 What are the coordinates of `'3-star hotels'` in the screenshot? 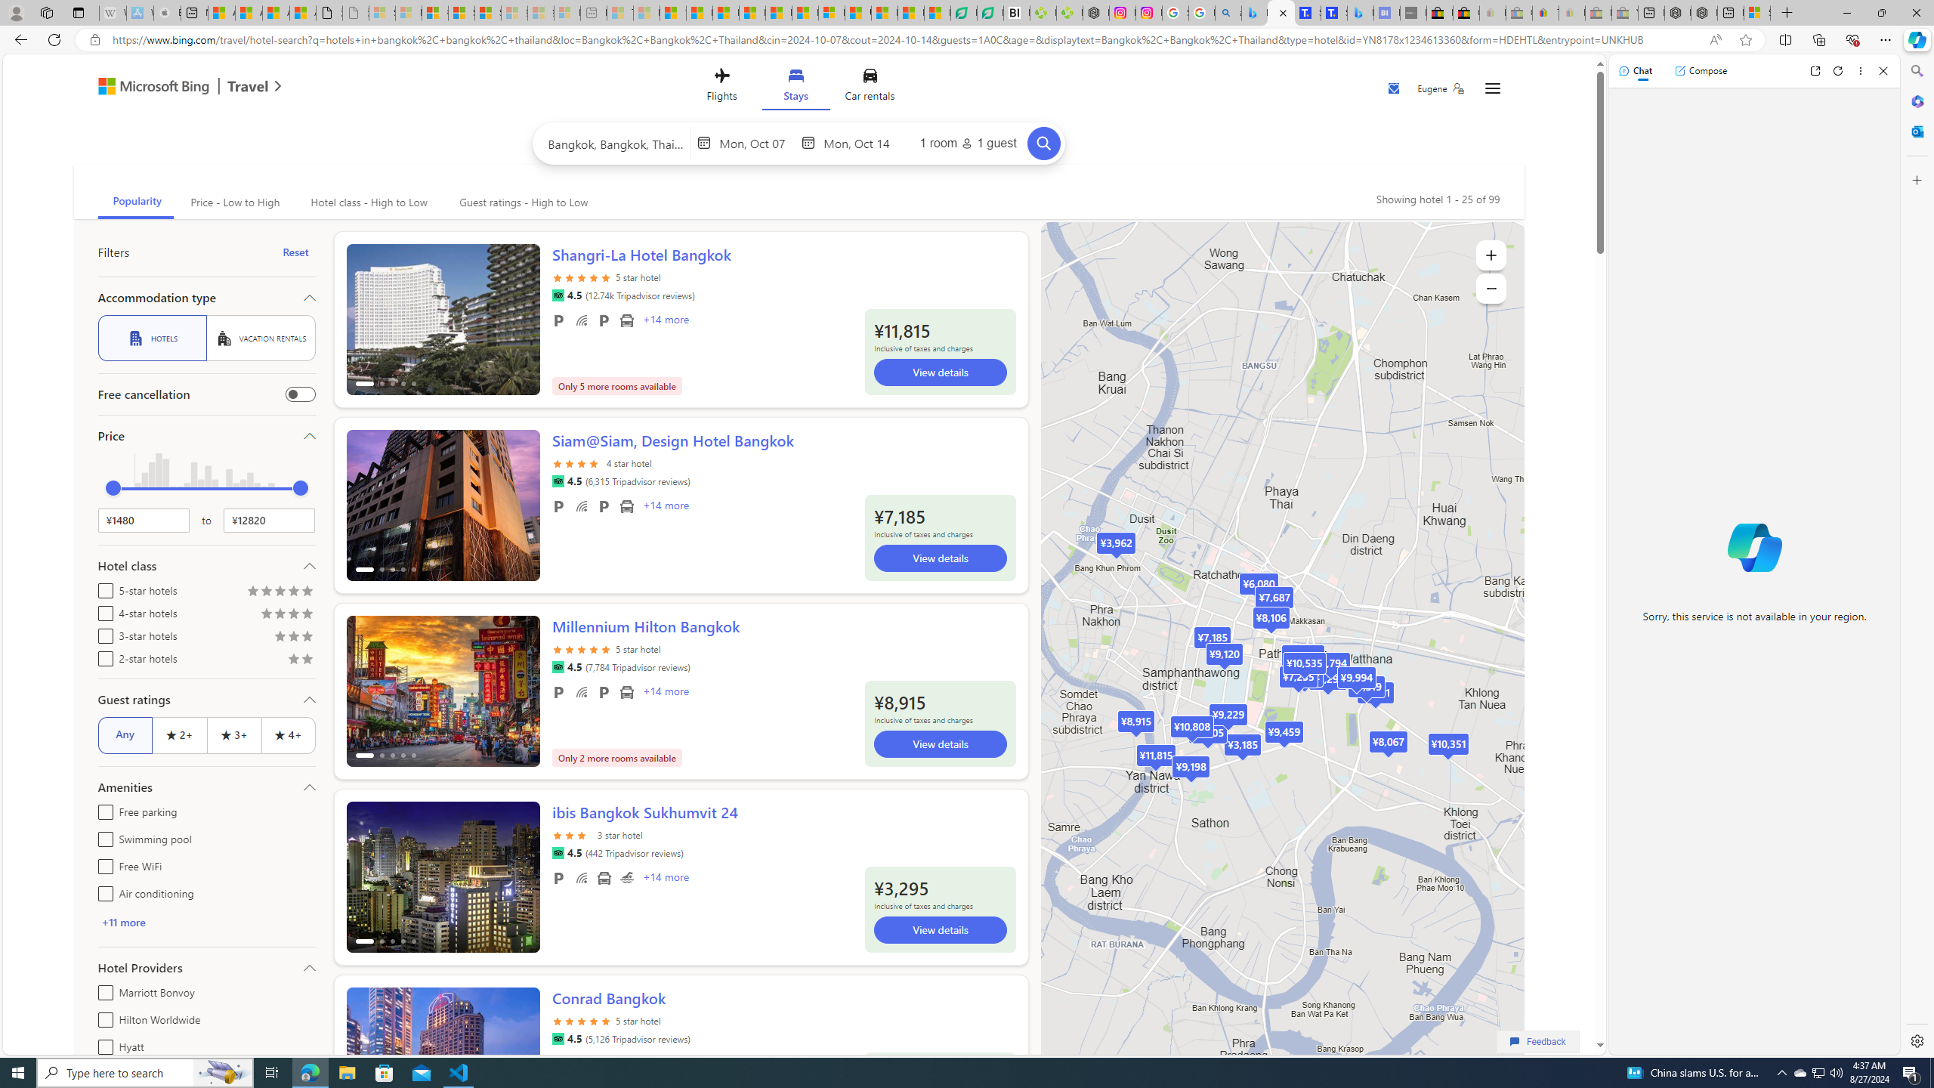 It's located at (101, 633).